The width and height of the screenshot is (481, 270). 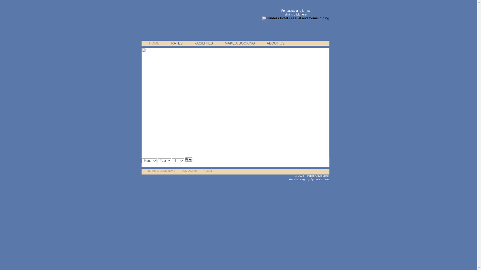 What do you see at coordinates (274, 43) in the screenshot?
I see `'ABOUT US'` at bounding box center [274, 43].